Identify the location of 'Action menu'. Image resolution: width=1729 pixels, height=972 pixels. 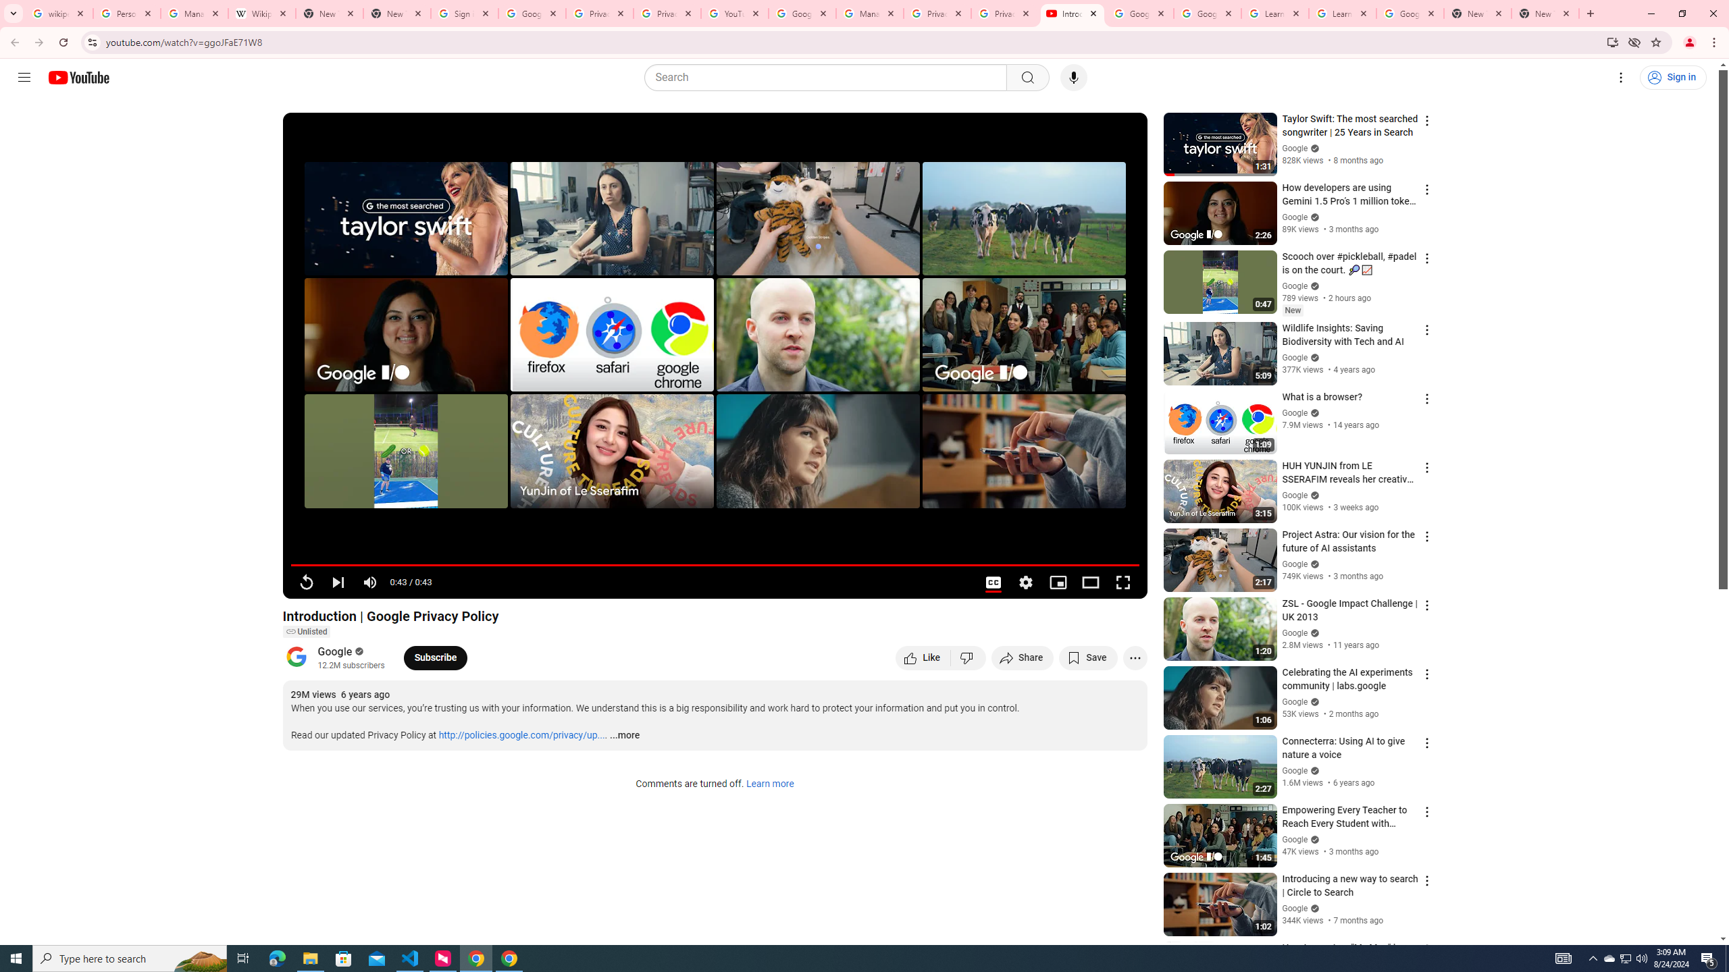
(1426, 948).